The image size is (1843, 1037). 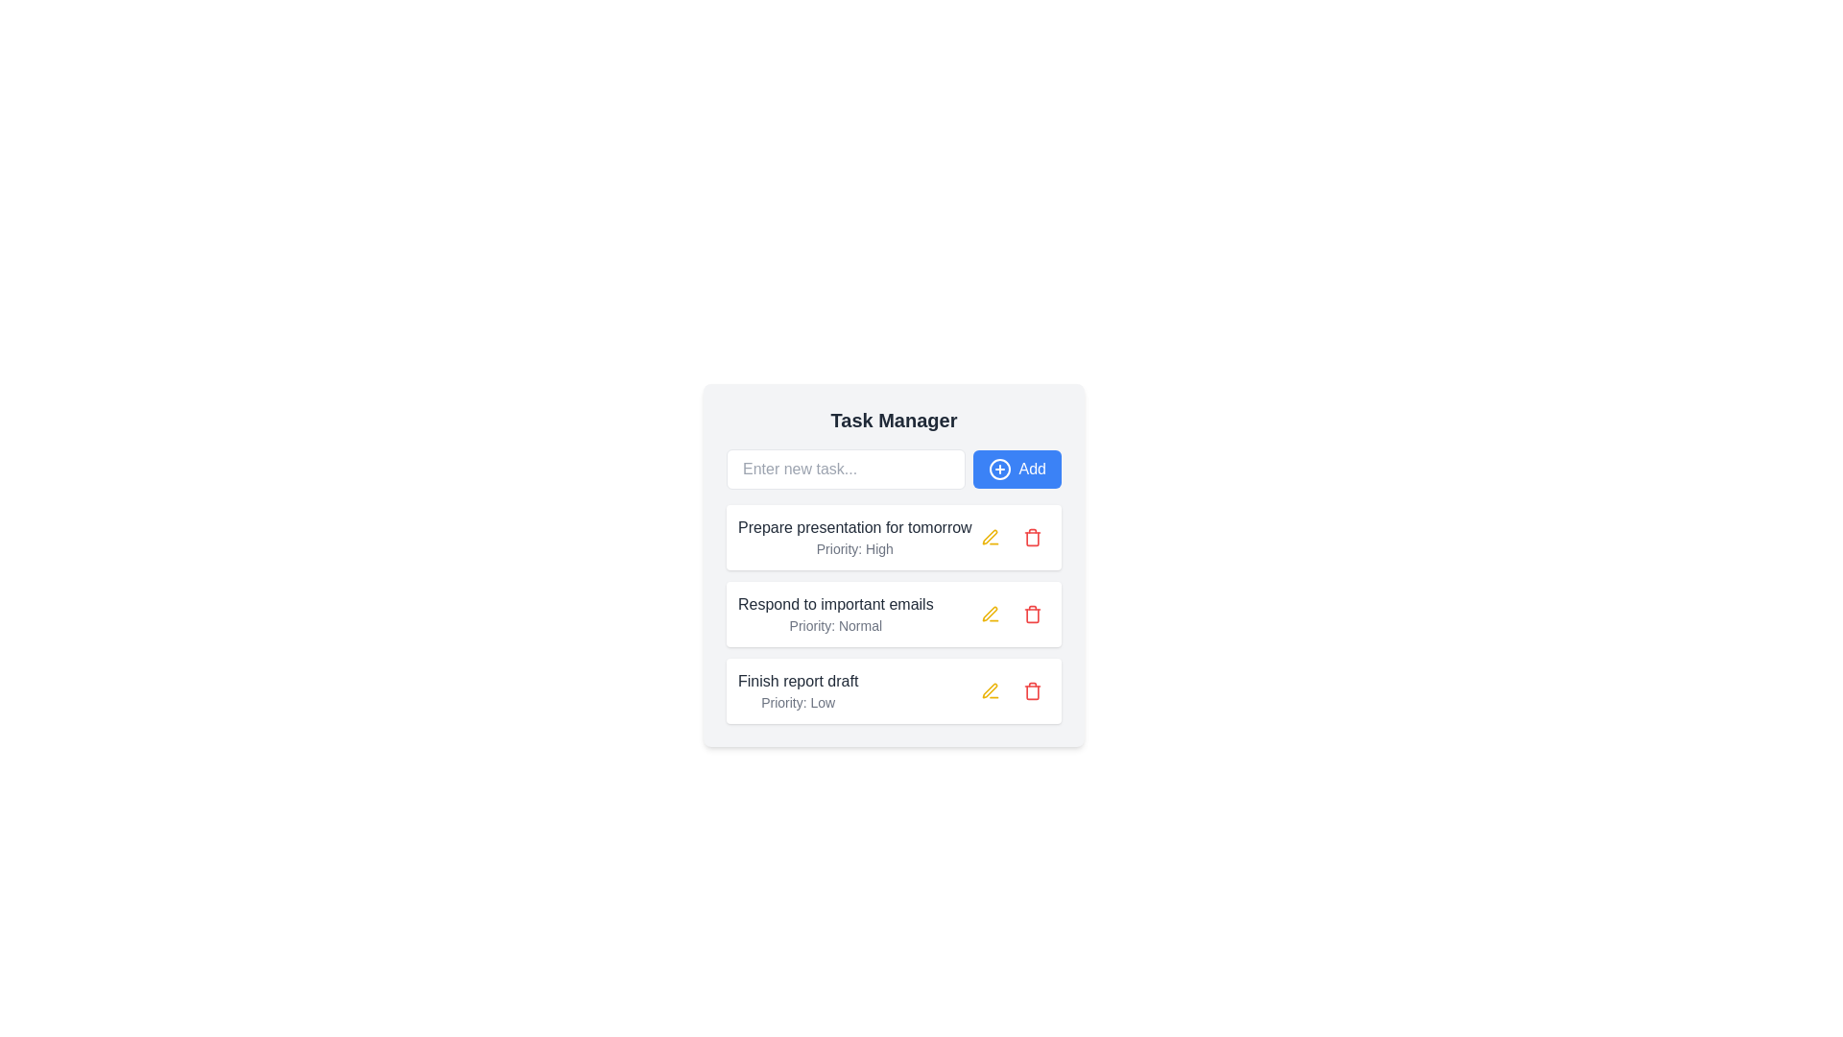 What do you see at coordinates (1031, 615) in the screenshot?
I see `the delete button located in the second row of task actions, to the right of the edit pen icon` at bounding box center [1031, 615].